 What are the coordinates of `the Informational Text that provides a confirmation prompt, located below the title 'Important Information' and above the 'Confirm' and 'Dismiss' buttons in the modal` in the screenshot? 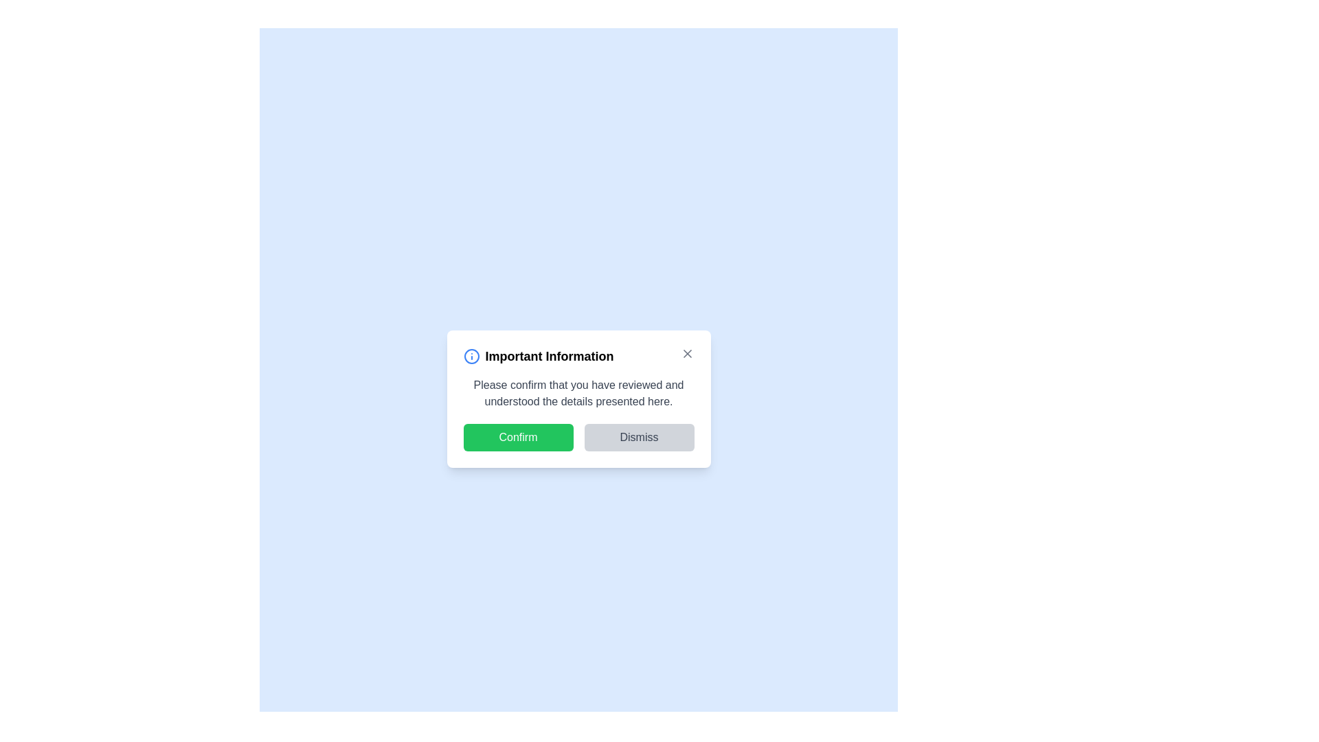 It's located at (578, 394).